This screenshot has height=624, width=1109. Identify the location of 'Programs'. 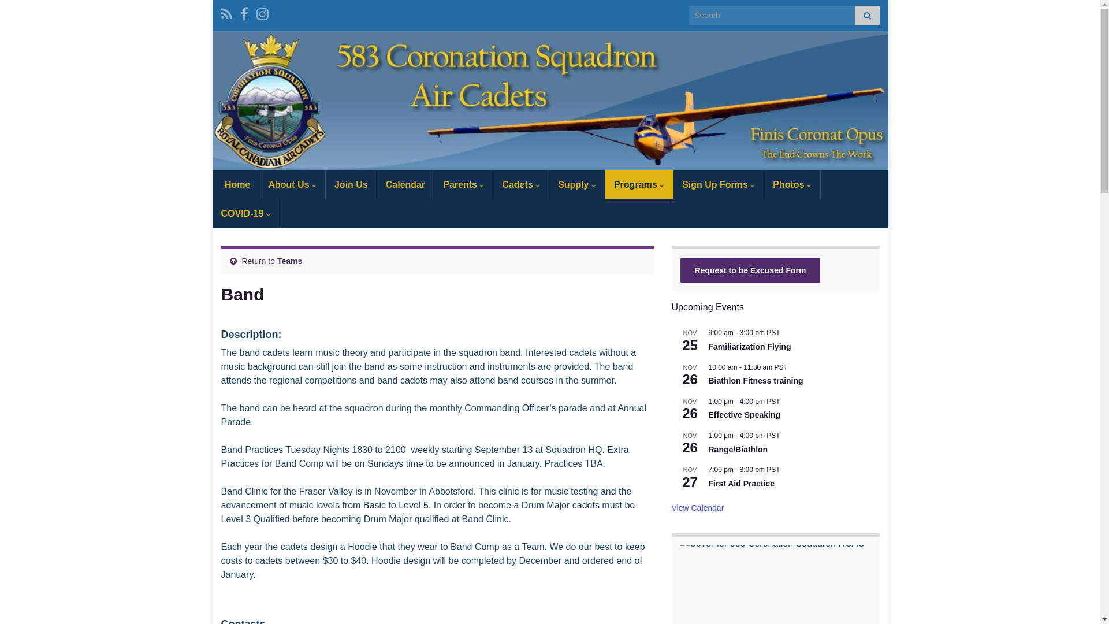
(604, 184).